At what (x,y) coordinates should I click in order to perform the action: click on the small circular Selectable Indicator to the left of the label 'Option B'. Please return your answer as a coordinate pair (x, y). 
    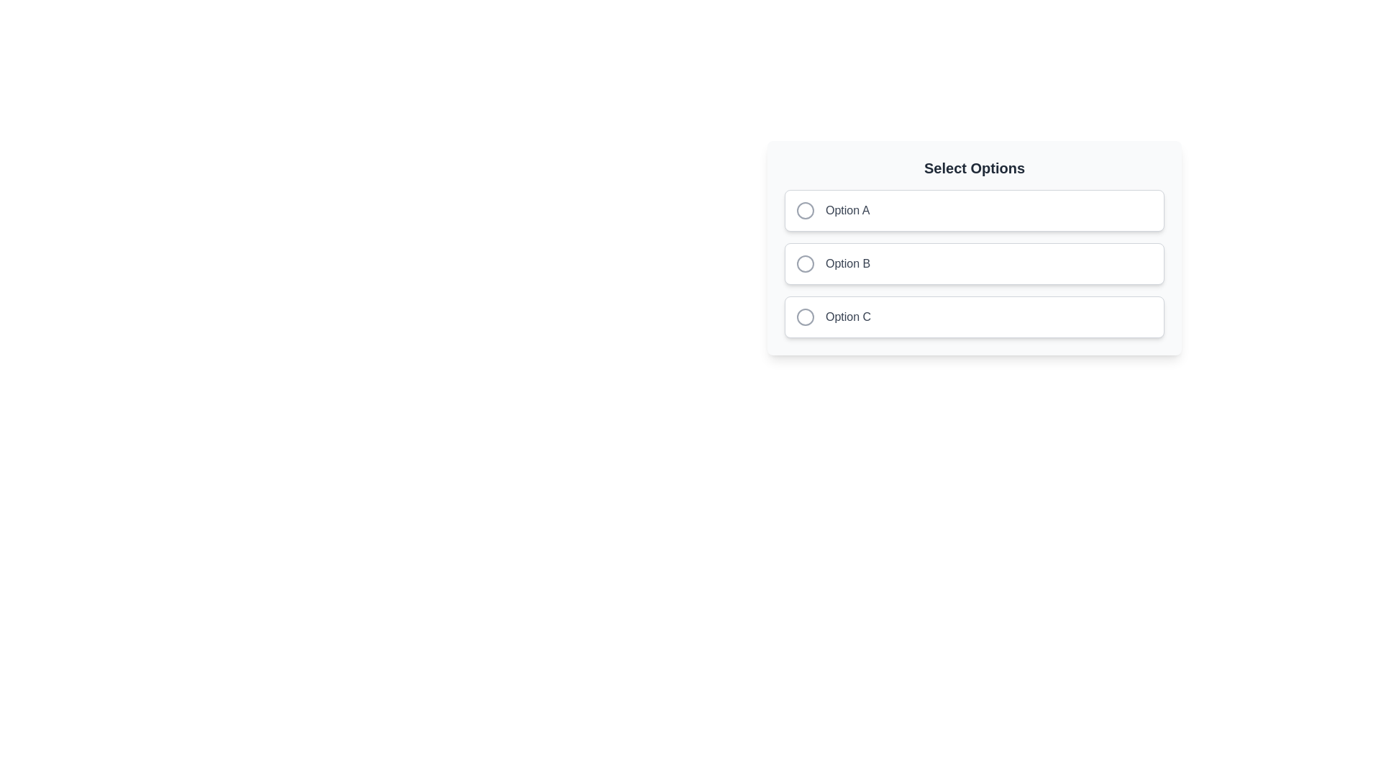
    Looking at the image, I should click on (804, 263).